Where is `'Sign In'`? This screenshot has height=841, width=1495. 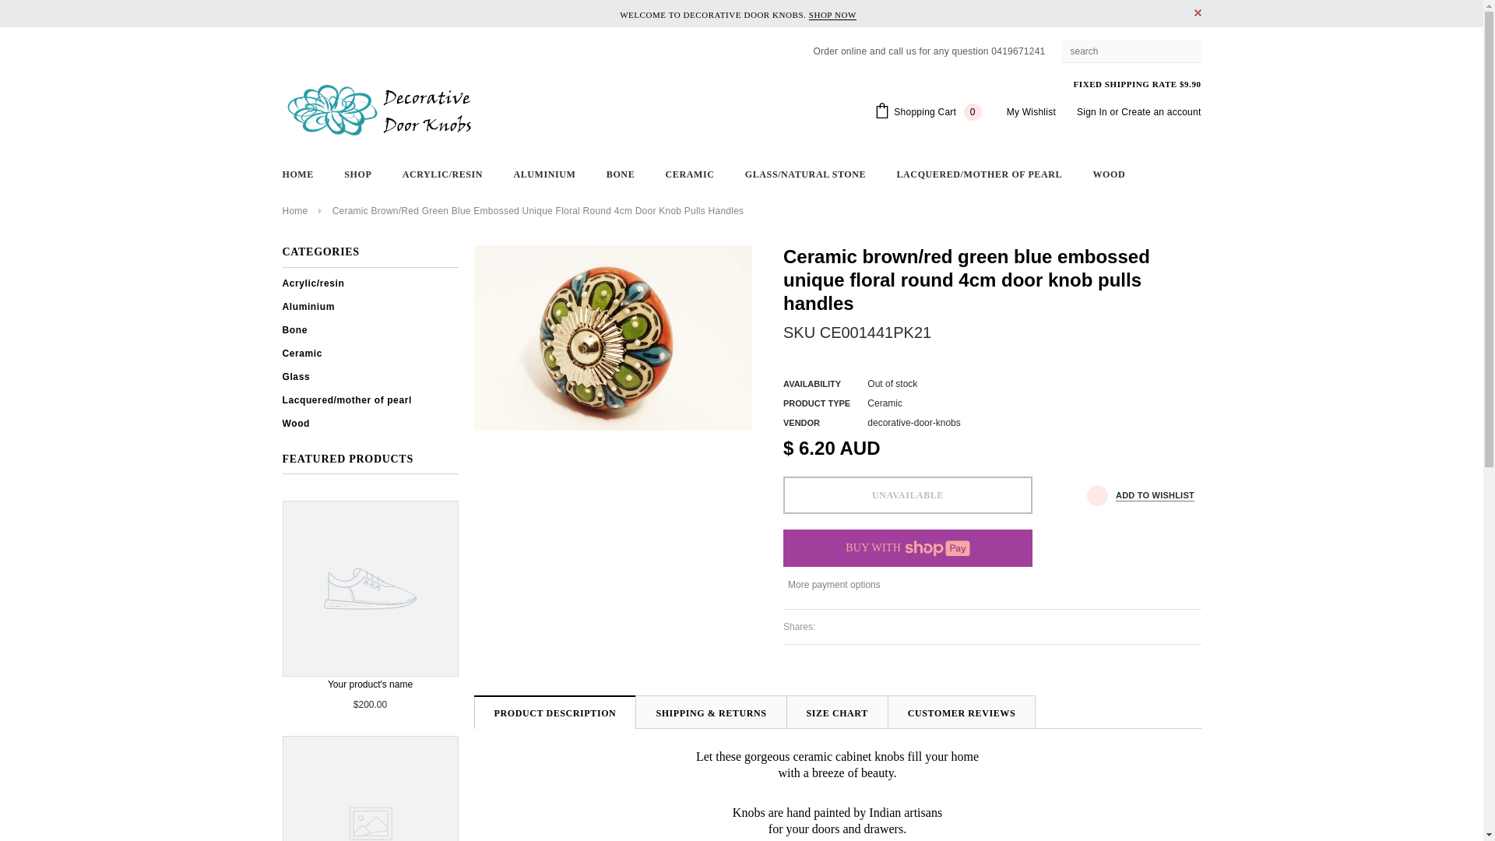
'Sign In' is located at coordinates (1091, 111).